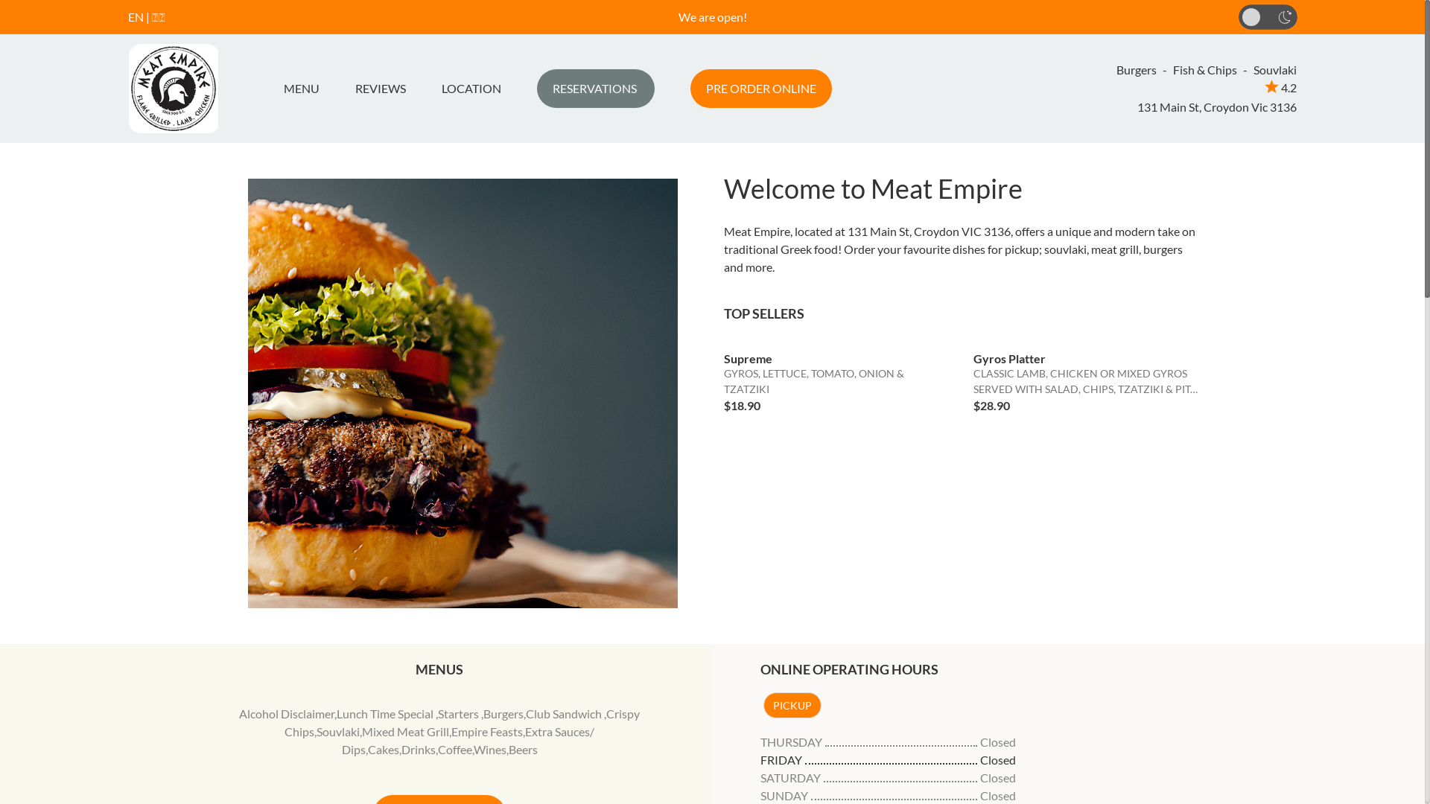  Describe the element at coordinates (277, 89) in the screenshot. I see `'MENU'` at that location.